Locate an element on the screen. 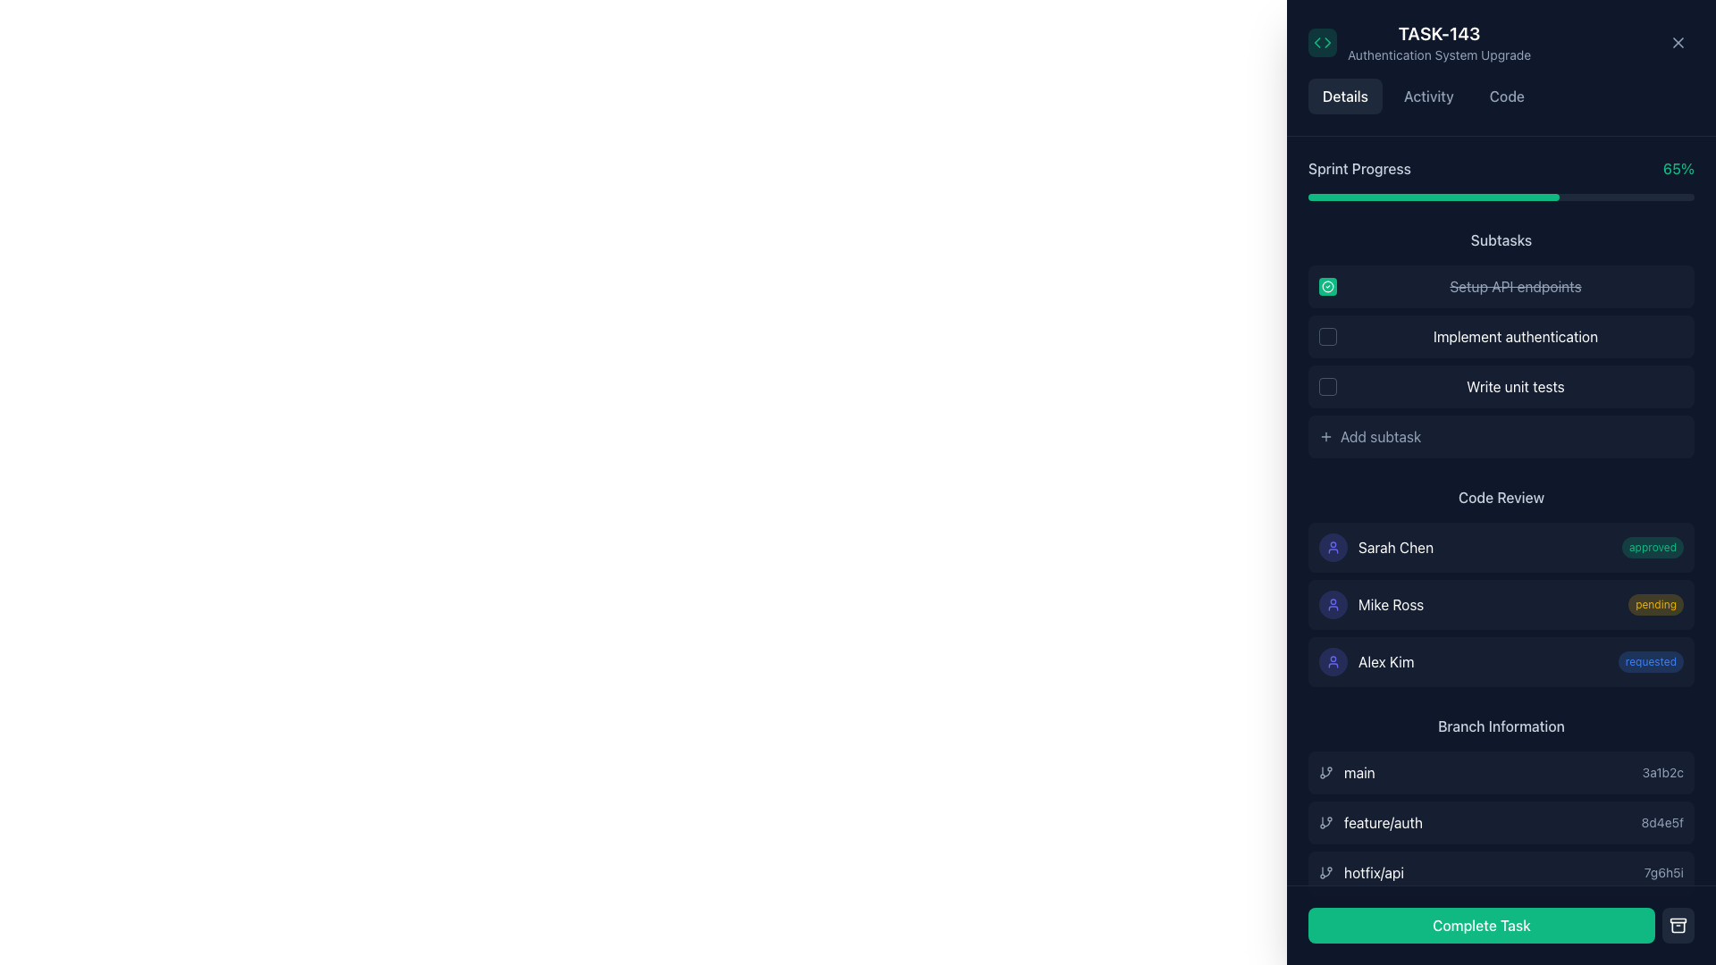  progress value is located at coordinates (1682, 197).